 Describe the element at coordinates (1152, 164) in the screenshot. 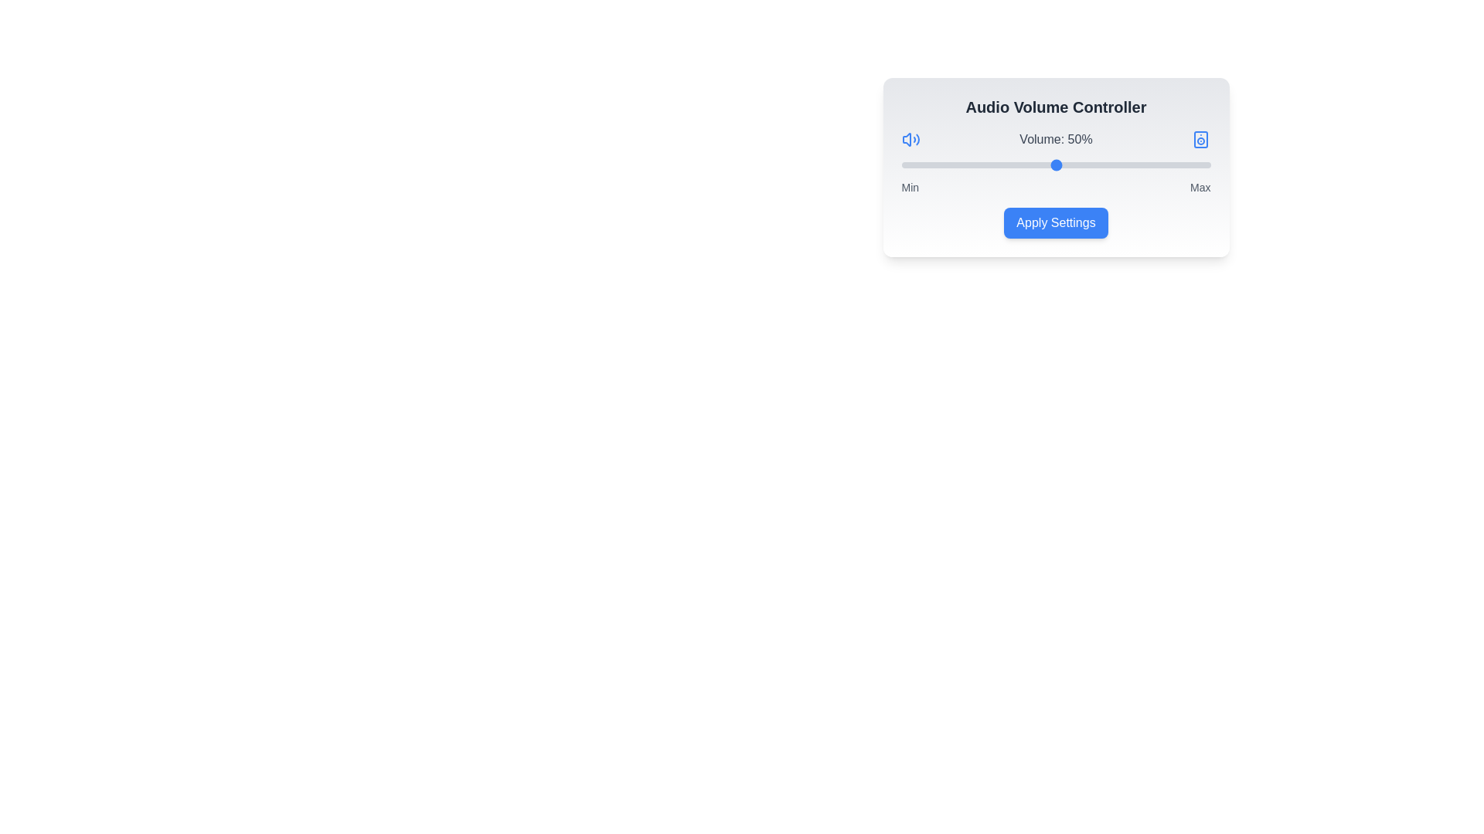

I see `the slider to set the volume to 81%` at that location.